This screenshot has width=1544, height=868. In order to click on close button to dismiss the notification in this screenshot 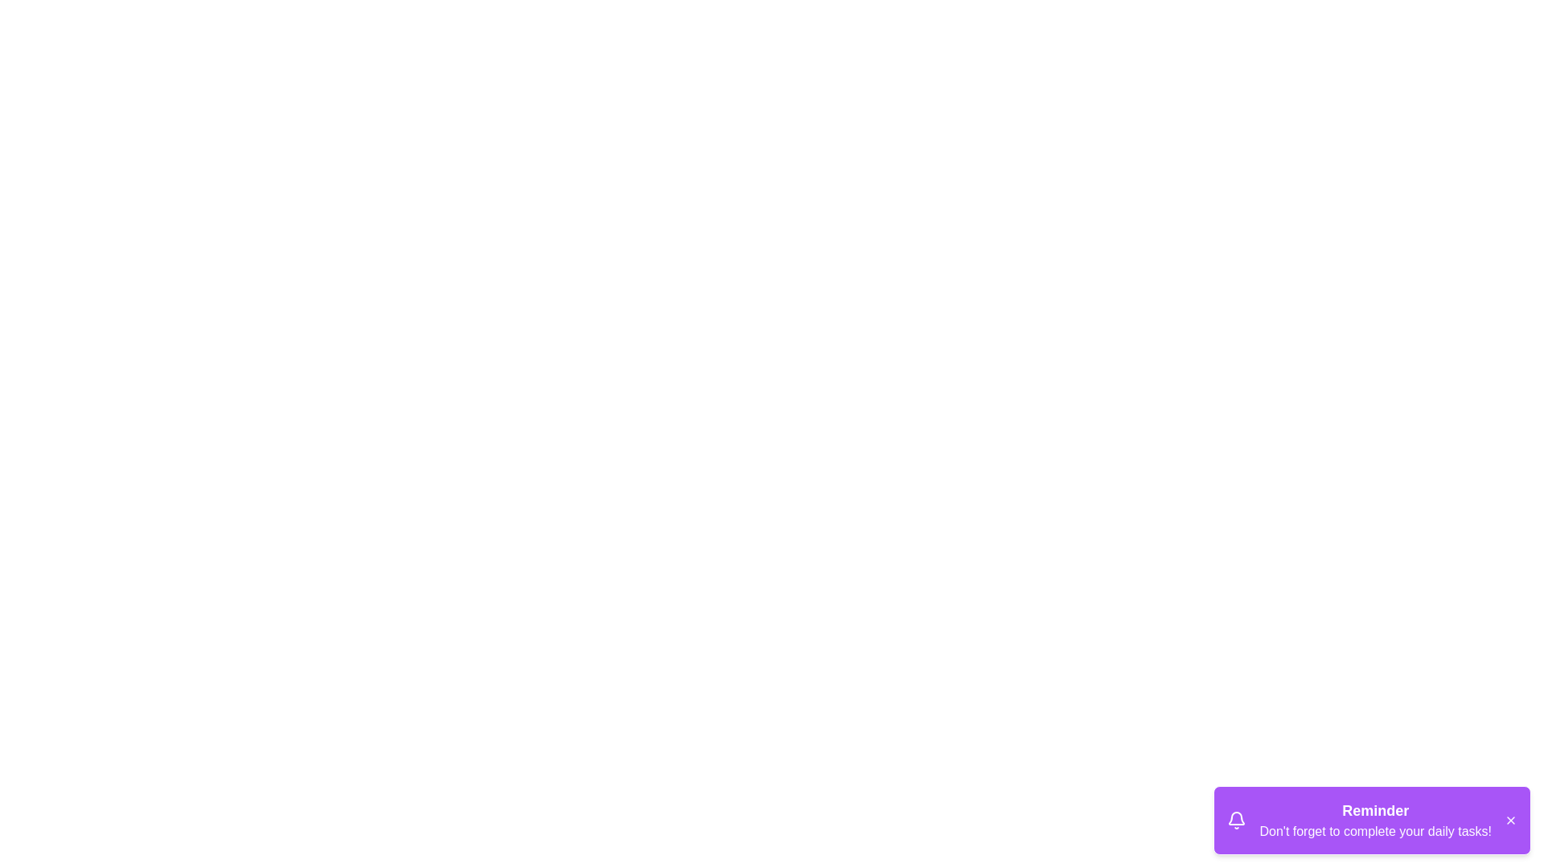, I will do `click(1509, 821)`.